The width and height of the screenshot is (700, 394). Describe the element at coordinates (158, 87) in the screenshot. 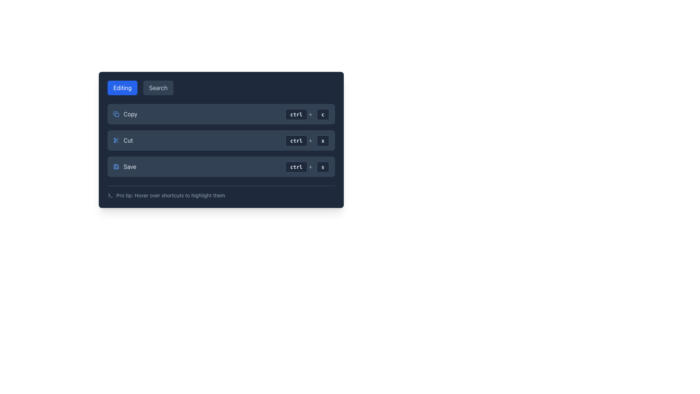

I see `the 'Search' button, which is the second button in a horizontal group of two buttons, to observe the hover effect` at that location.